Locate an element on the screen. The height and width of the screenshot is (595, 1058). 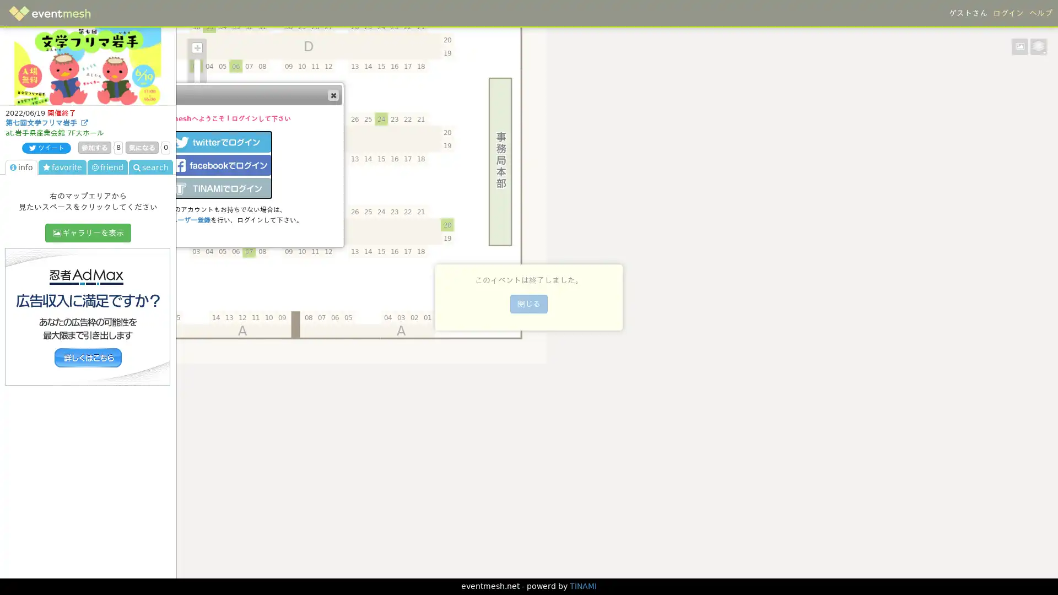
close is located at coordinates (332, 94).